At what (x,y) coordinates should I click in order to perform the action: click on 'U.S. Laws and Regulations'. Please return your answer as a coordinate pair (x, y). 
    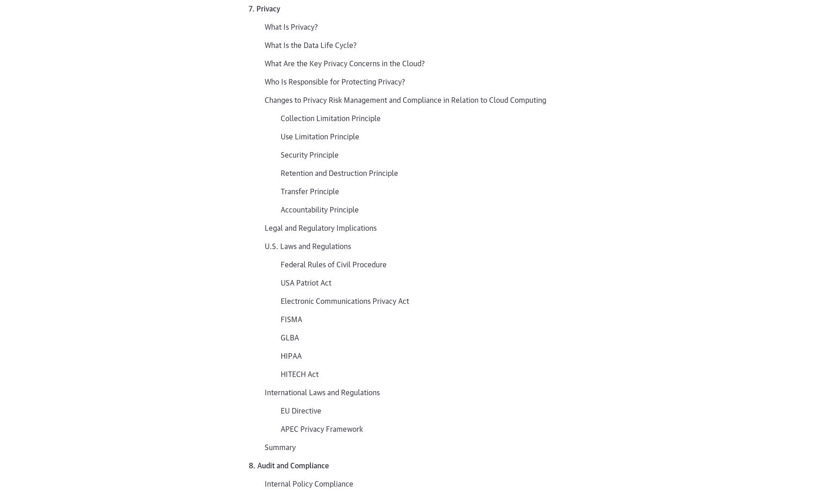
    Looking at the image, I should click on (308, 245).